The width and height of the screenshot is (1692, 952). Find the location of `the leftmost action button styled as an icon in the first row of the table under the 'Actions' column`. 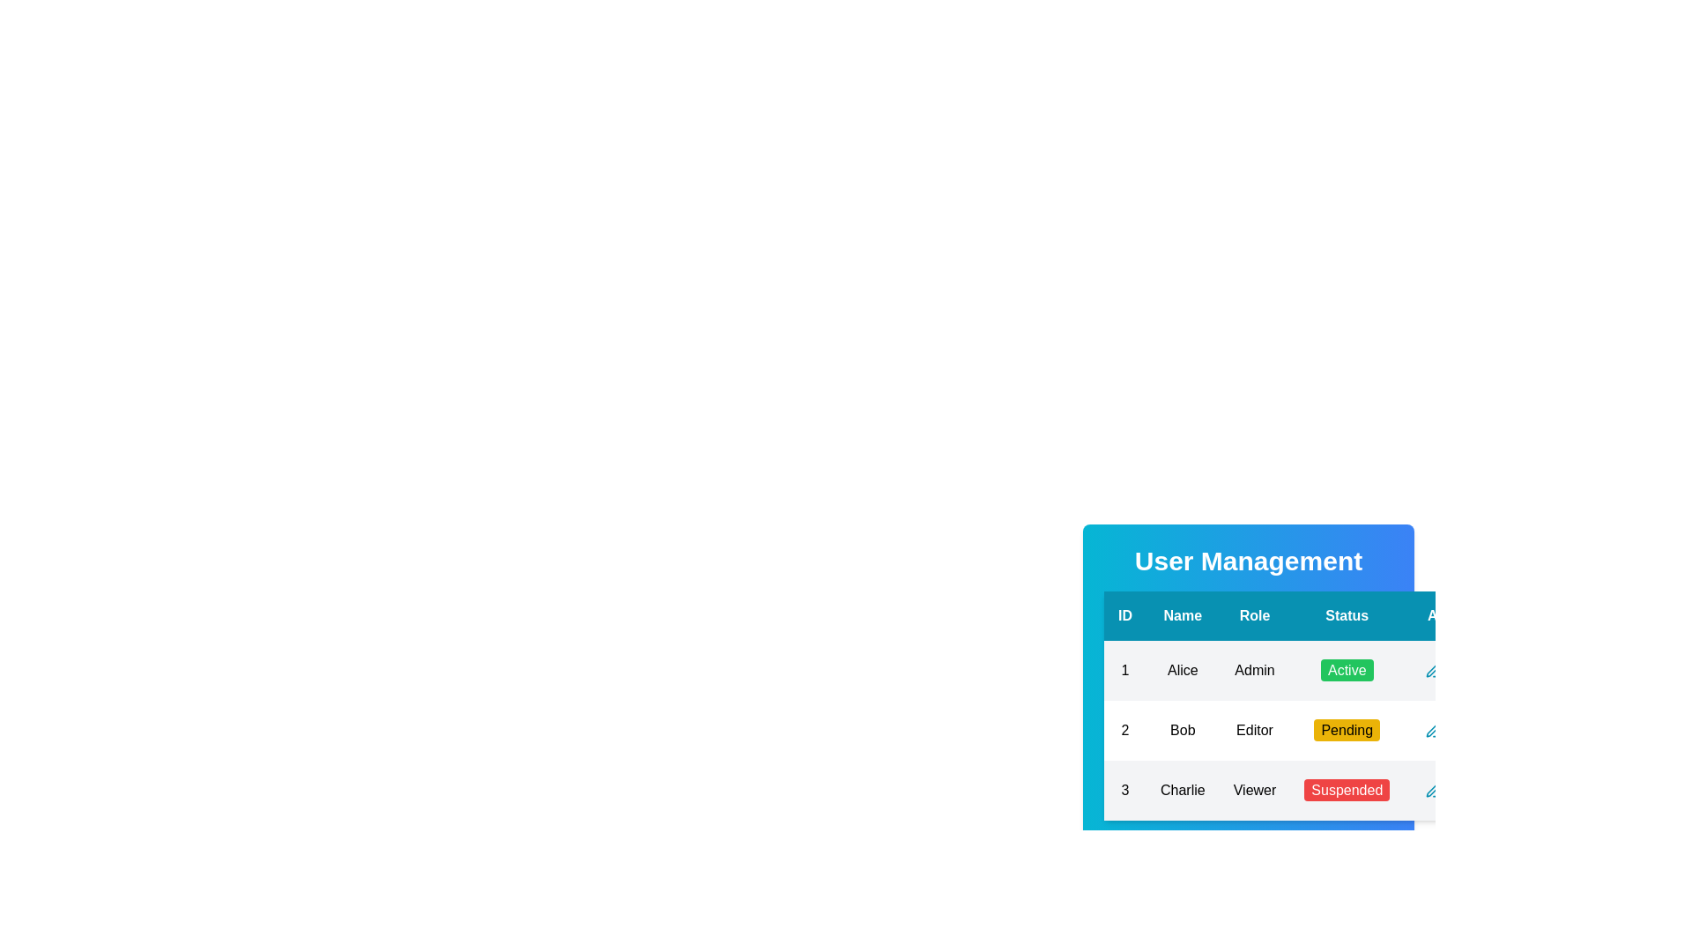

the leftmost action button styled as an icon in the first row of the table under the 'Actions' column is located at coordinates (1434, 670).